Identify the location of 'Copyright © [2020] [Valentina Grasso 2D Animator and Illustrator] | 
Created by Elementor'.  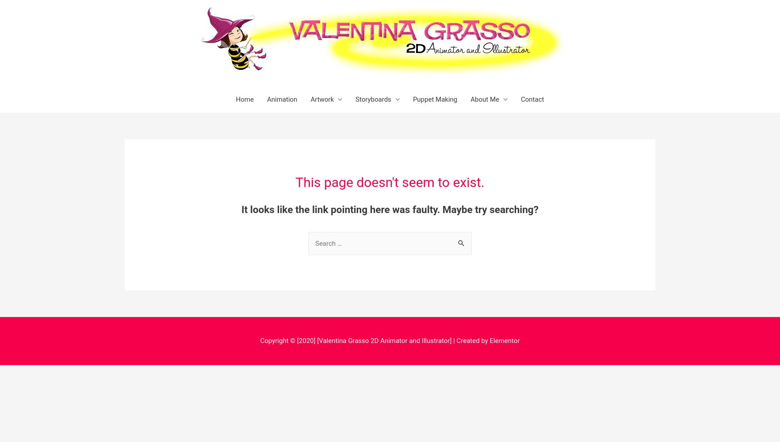
(390, 341).